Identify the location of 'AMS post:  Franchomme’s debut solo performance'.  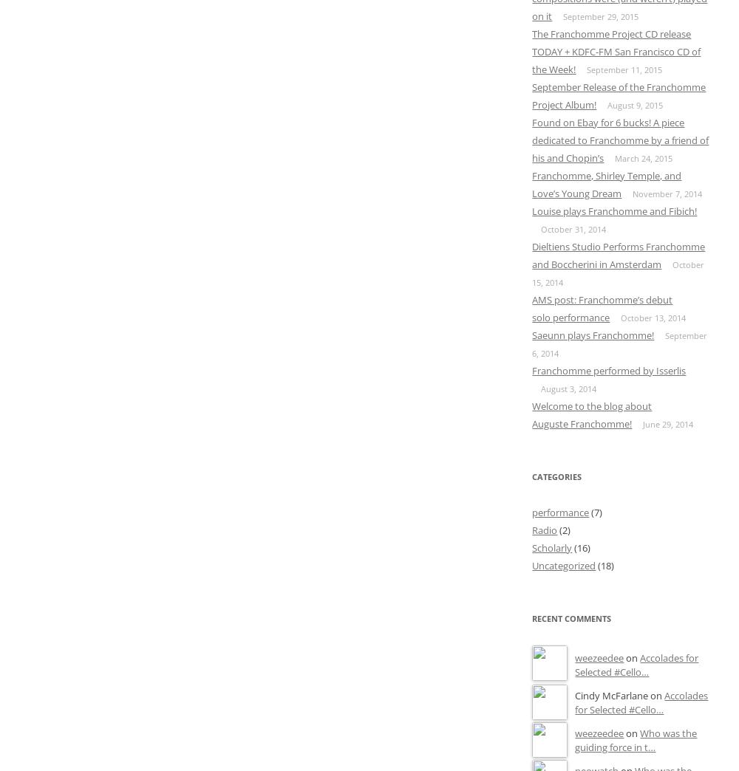
(531, 306).